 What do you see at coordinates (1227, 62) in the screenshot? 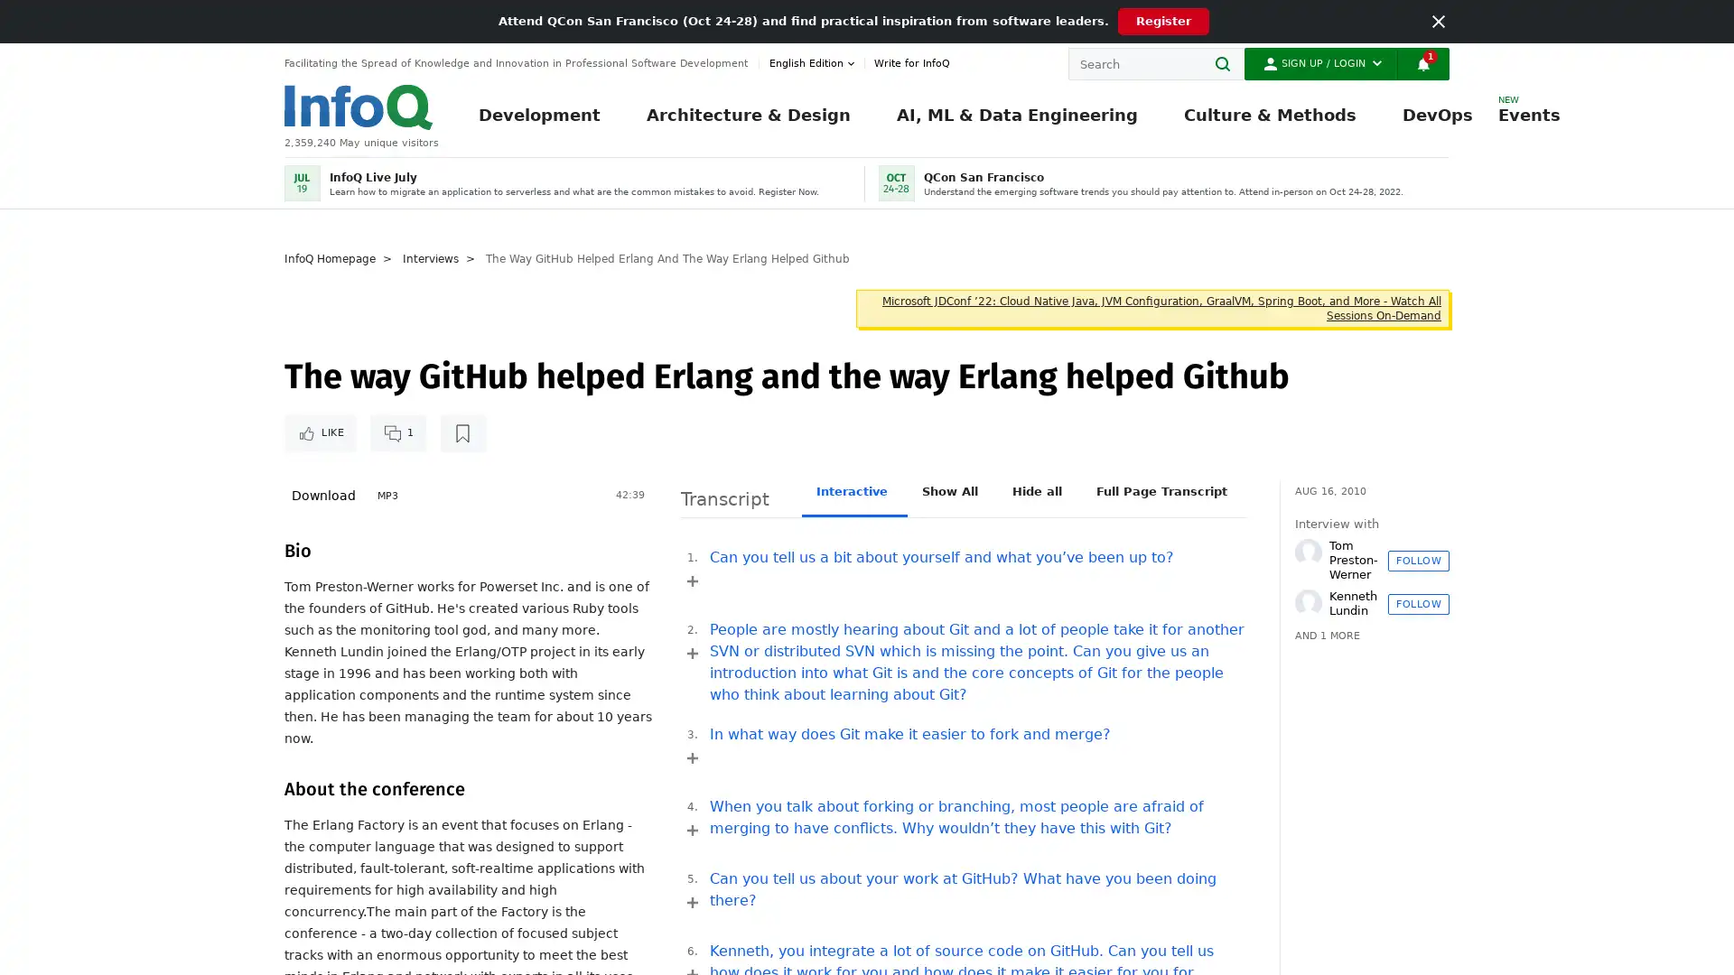
I see `Search` at bounding box center [1227, 62].